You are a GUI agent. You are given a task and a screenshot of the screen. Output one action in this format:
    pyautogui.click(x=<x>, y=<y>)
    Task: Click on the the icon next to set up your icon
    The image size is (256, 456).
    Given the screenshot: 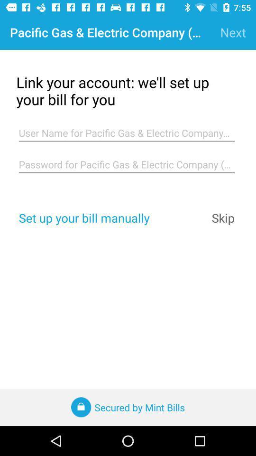 What is the action you would take?
    pyautogui.click(x=223, y=218)
    